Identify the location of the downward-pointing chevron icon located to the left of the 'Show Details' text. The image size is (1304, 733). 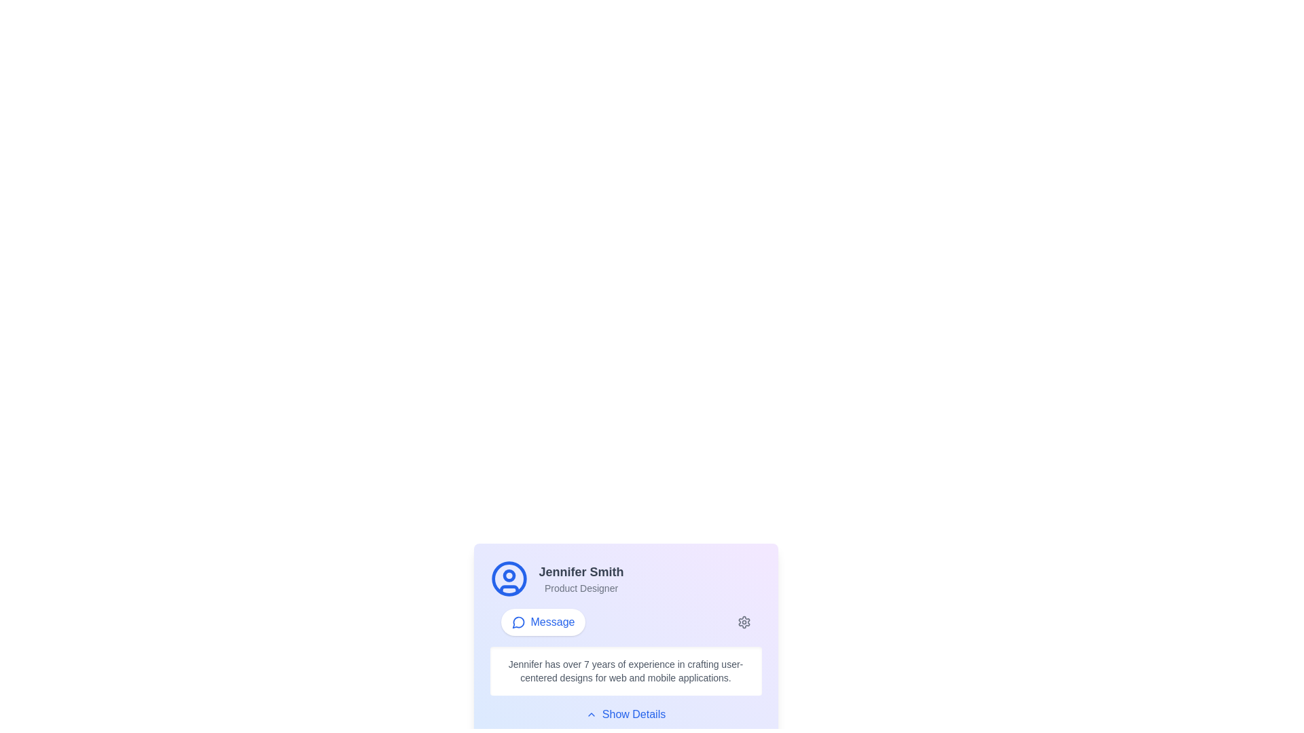
(591, 714).